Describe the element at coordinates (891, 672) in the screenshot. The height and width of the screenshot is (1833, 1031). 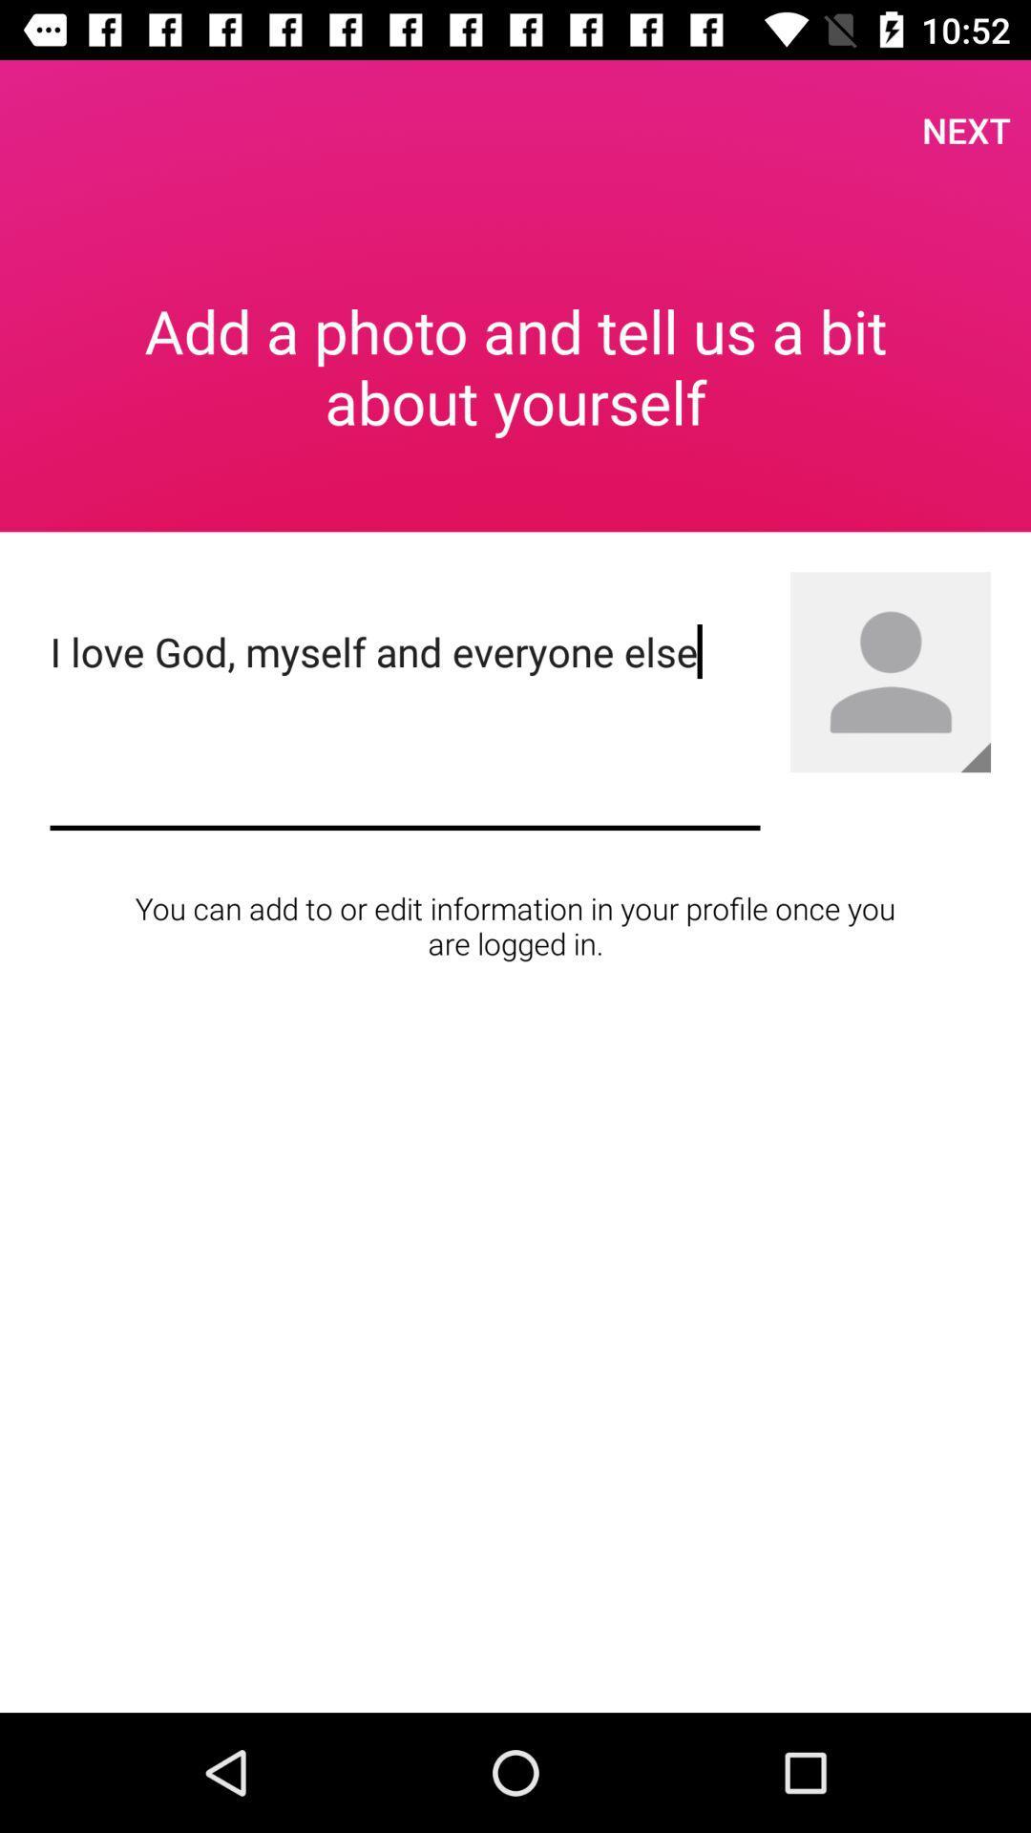
I see `profile options` at that location.